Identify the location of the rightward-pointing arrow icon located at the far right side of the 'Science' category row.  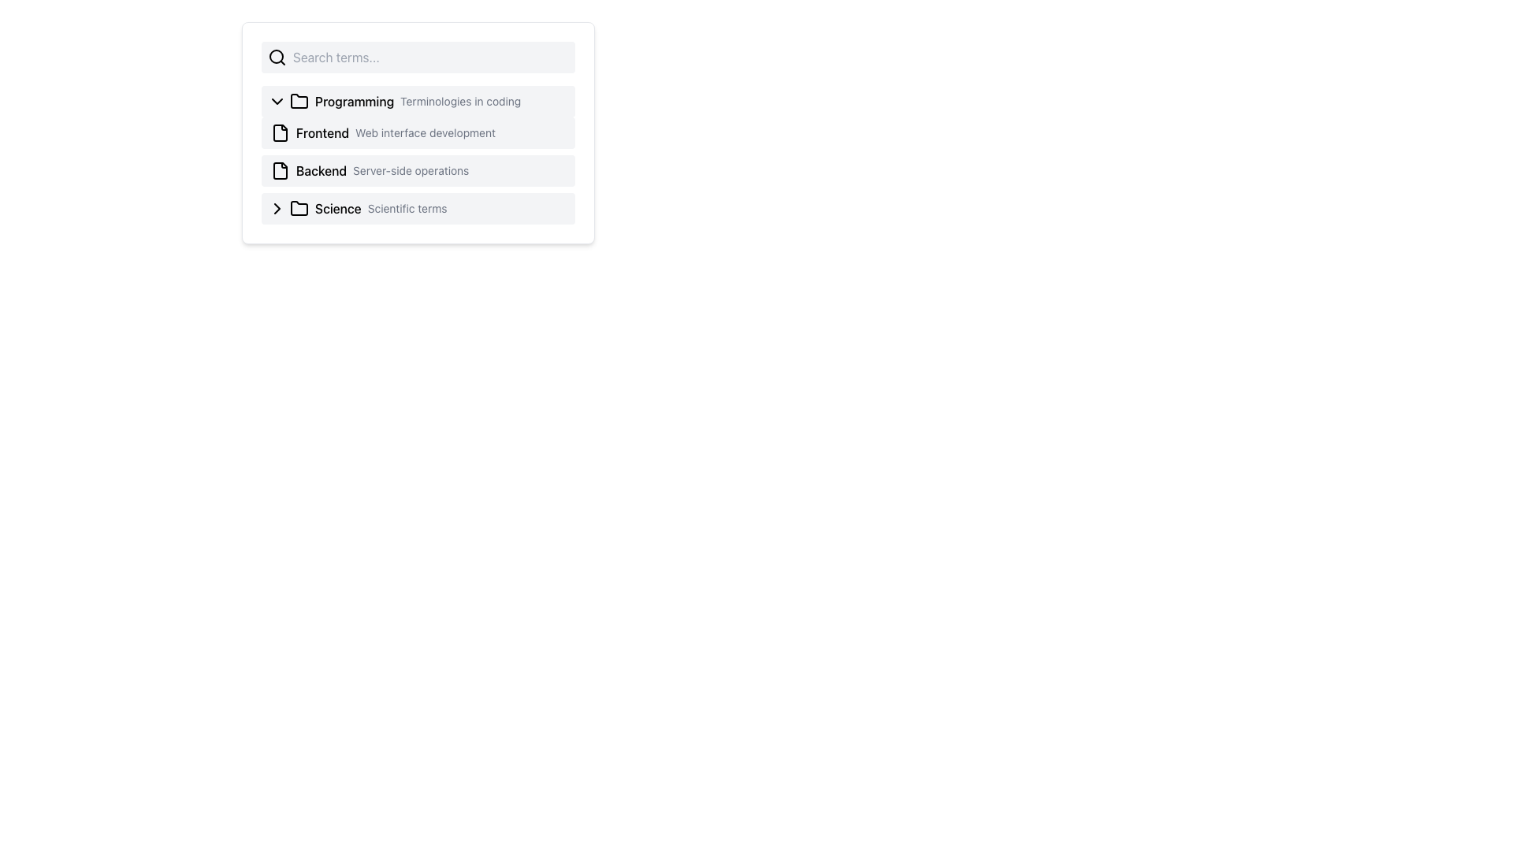
(277, 208).